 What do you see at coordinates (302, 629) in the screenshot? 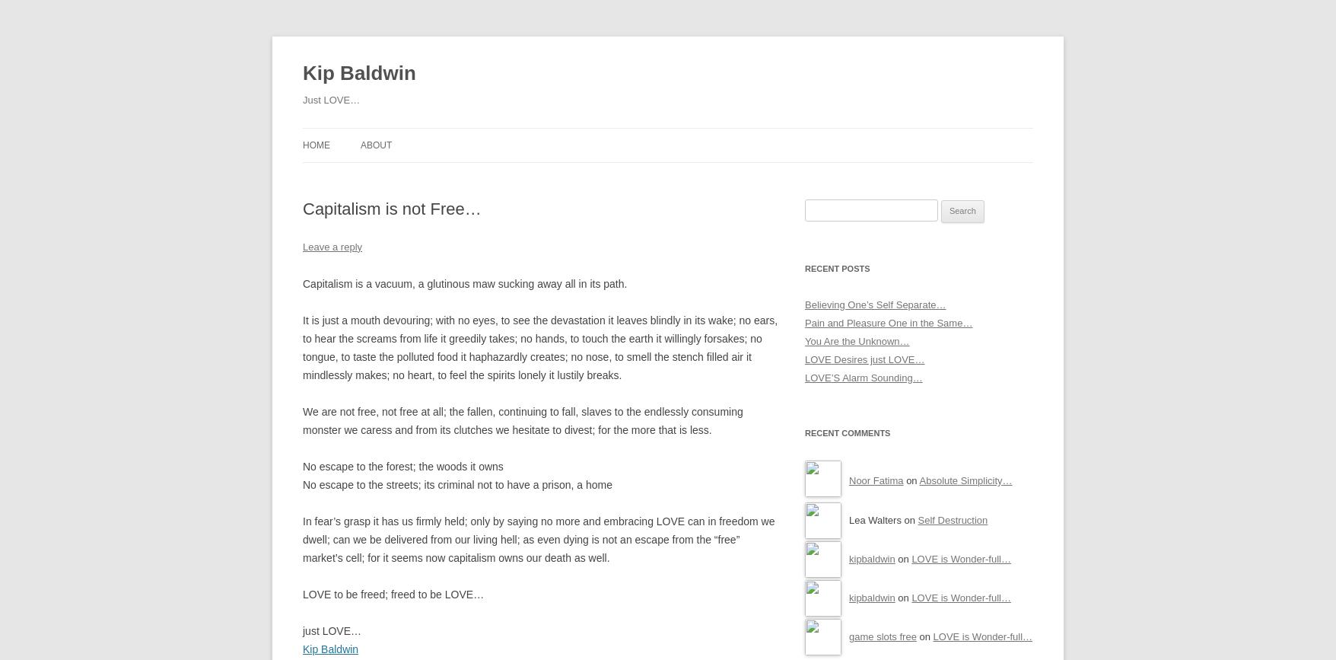
I see `'just LOVE…'` at bounding box center [302, 629].